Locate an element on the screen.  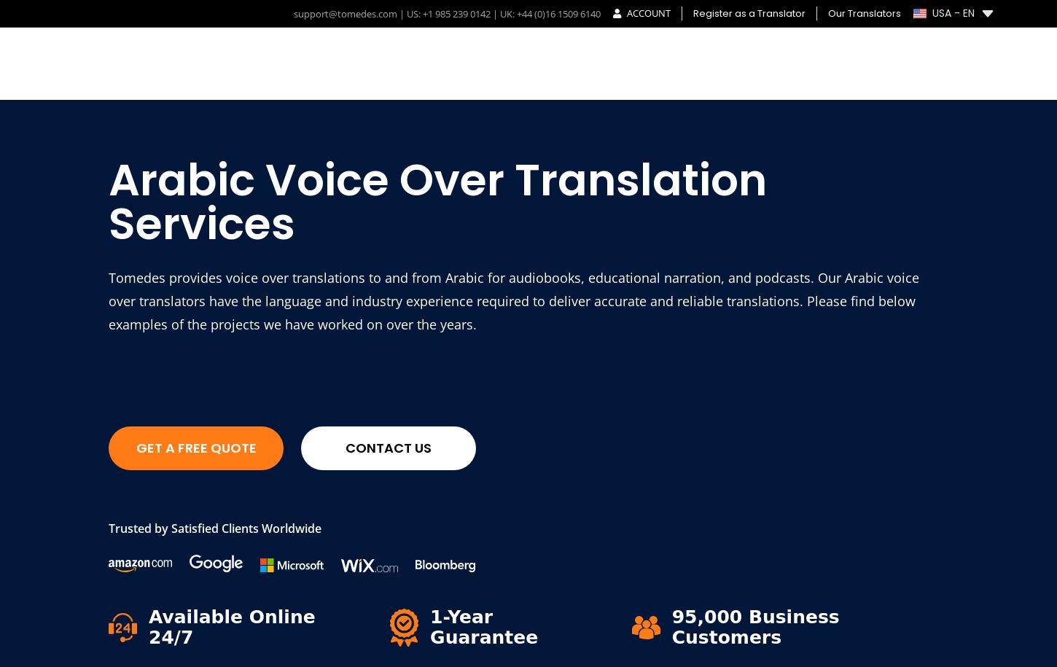
'Call: +44 (0)16 1509 6140' is located at coordinates (436, 565).